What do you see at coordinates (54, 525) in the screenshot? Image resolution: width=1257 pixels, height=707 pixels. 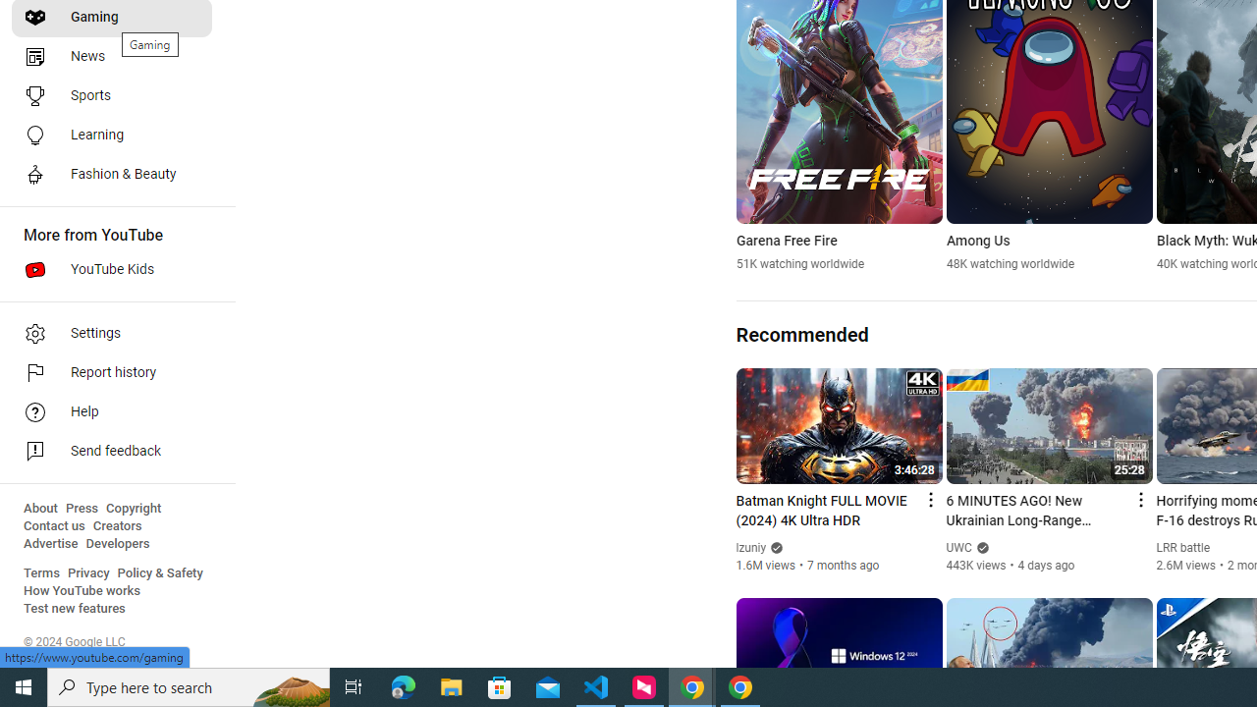 I see `'Contact us'` at bounding box center [54, 525].